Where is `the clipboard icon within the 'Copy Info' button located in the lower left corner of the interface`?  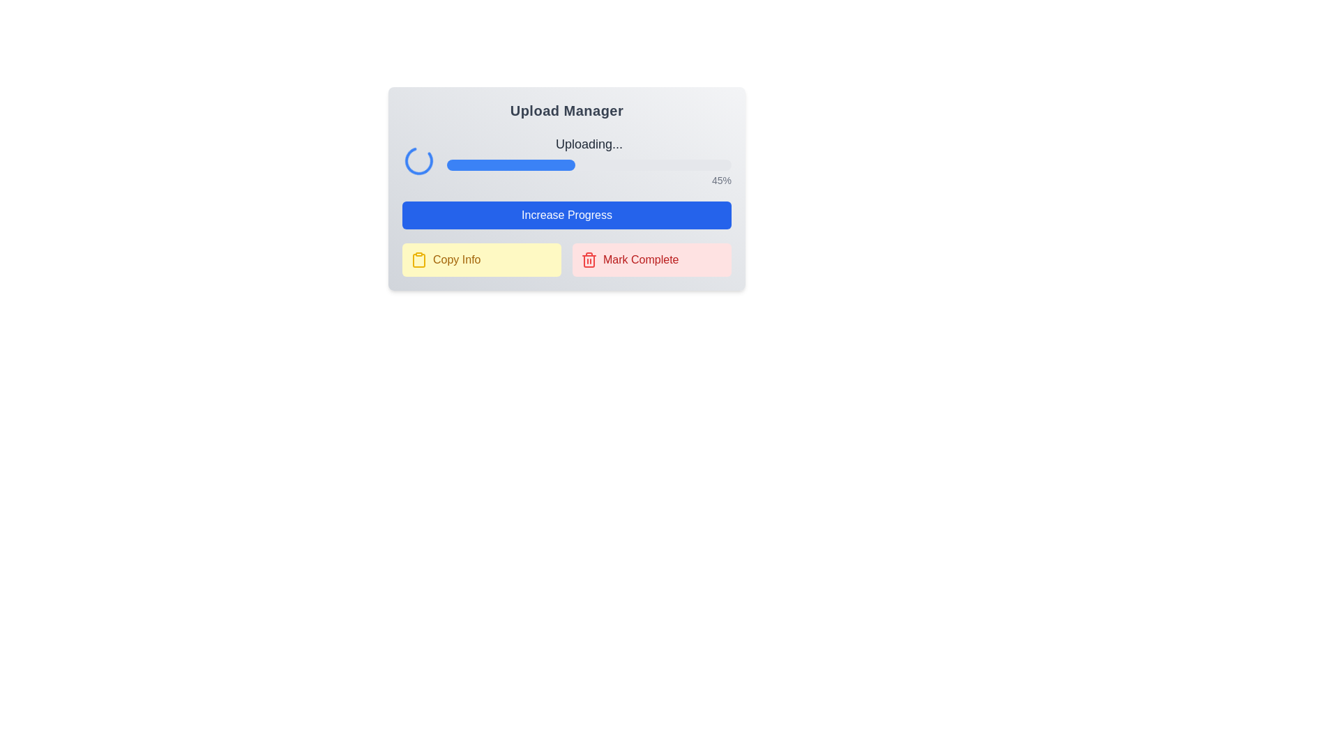
the clipboard icon within the 'Copy Info' button located in the lower left corner of the interface is located at coordinates (418, 260).